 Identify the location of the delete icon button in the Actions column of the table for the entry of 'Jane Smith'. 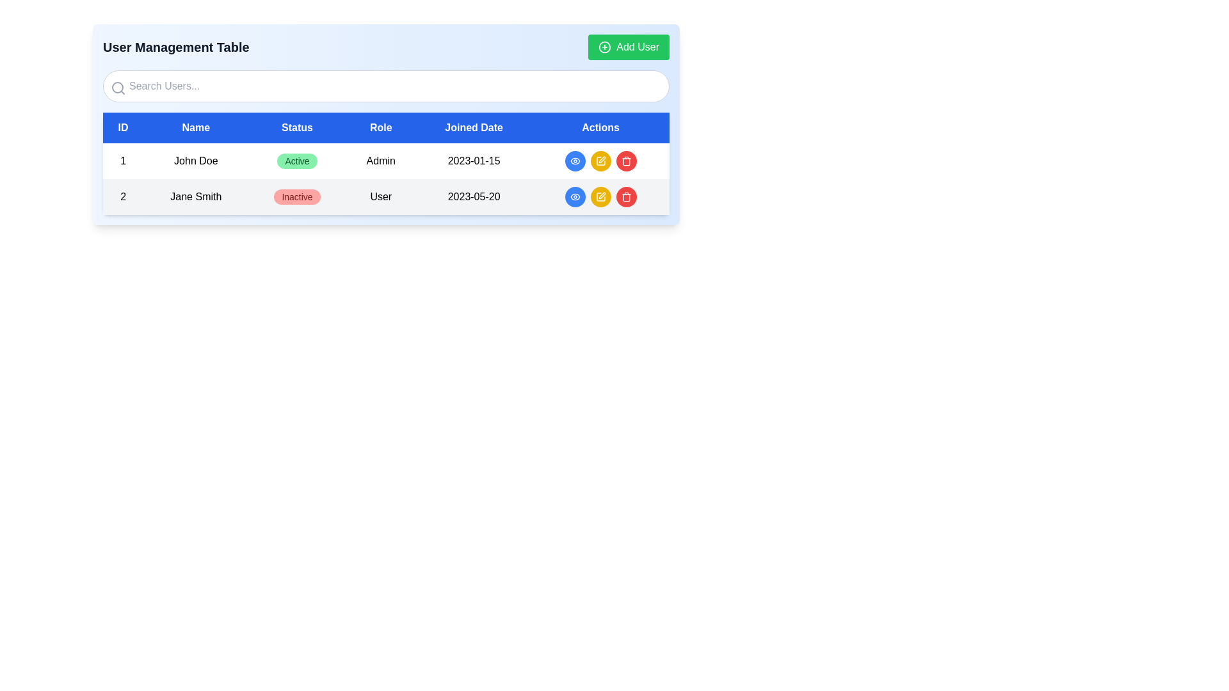
(626, 160).